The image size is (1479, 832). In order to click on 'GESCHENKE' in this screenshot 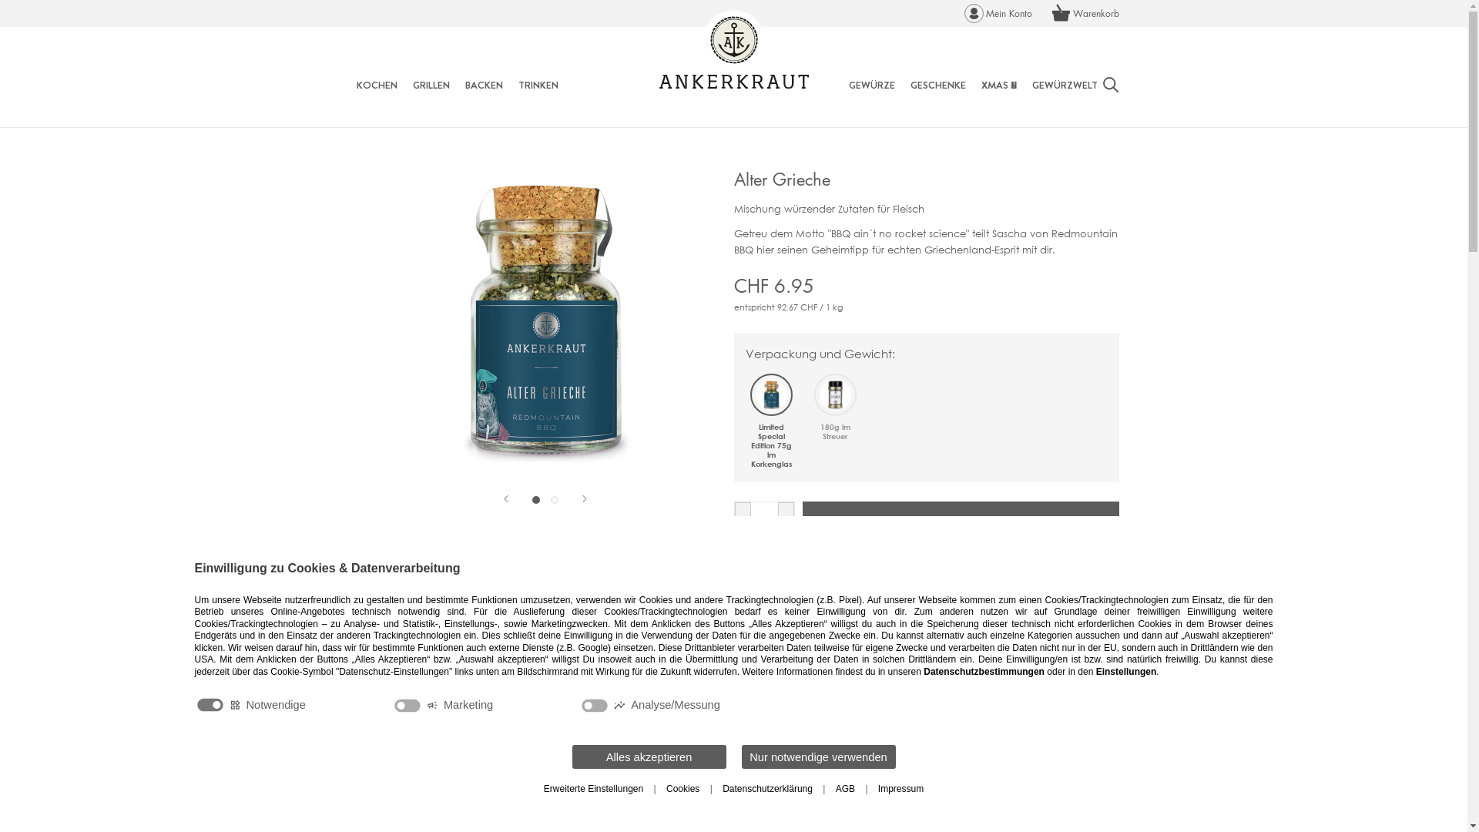, I will do `click(937, 85)`.